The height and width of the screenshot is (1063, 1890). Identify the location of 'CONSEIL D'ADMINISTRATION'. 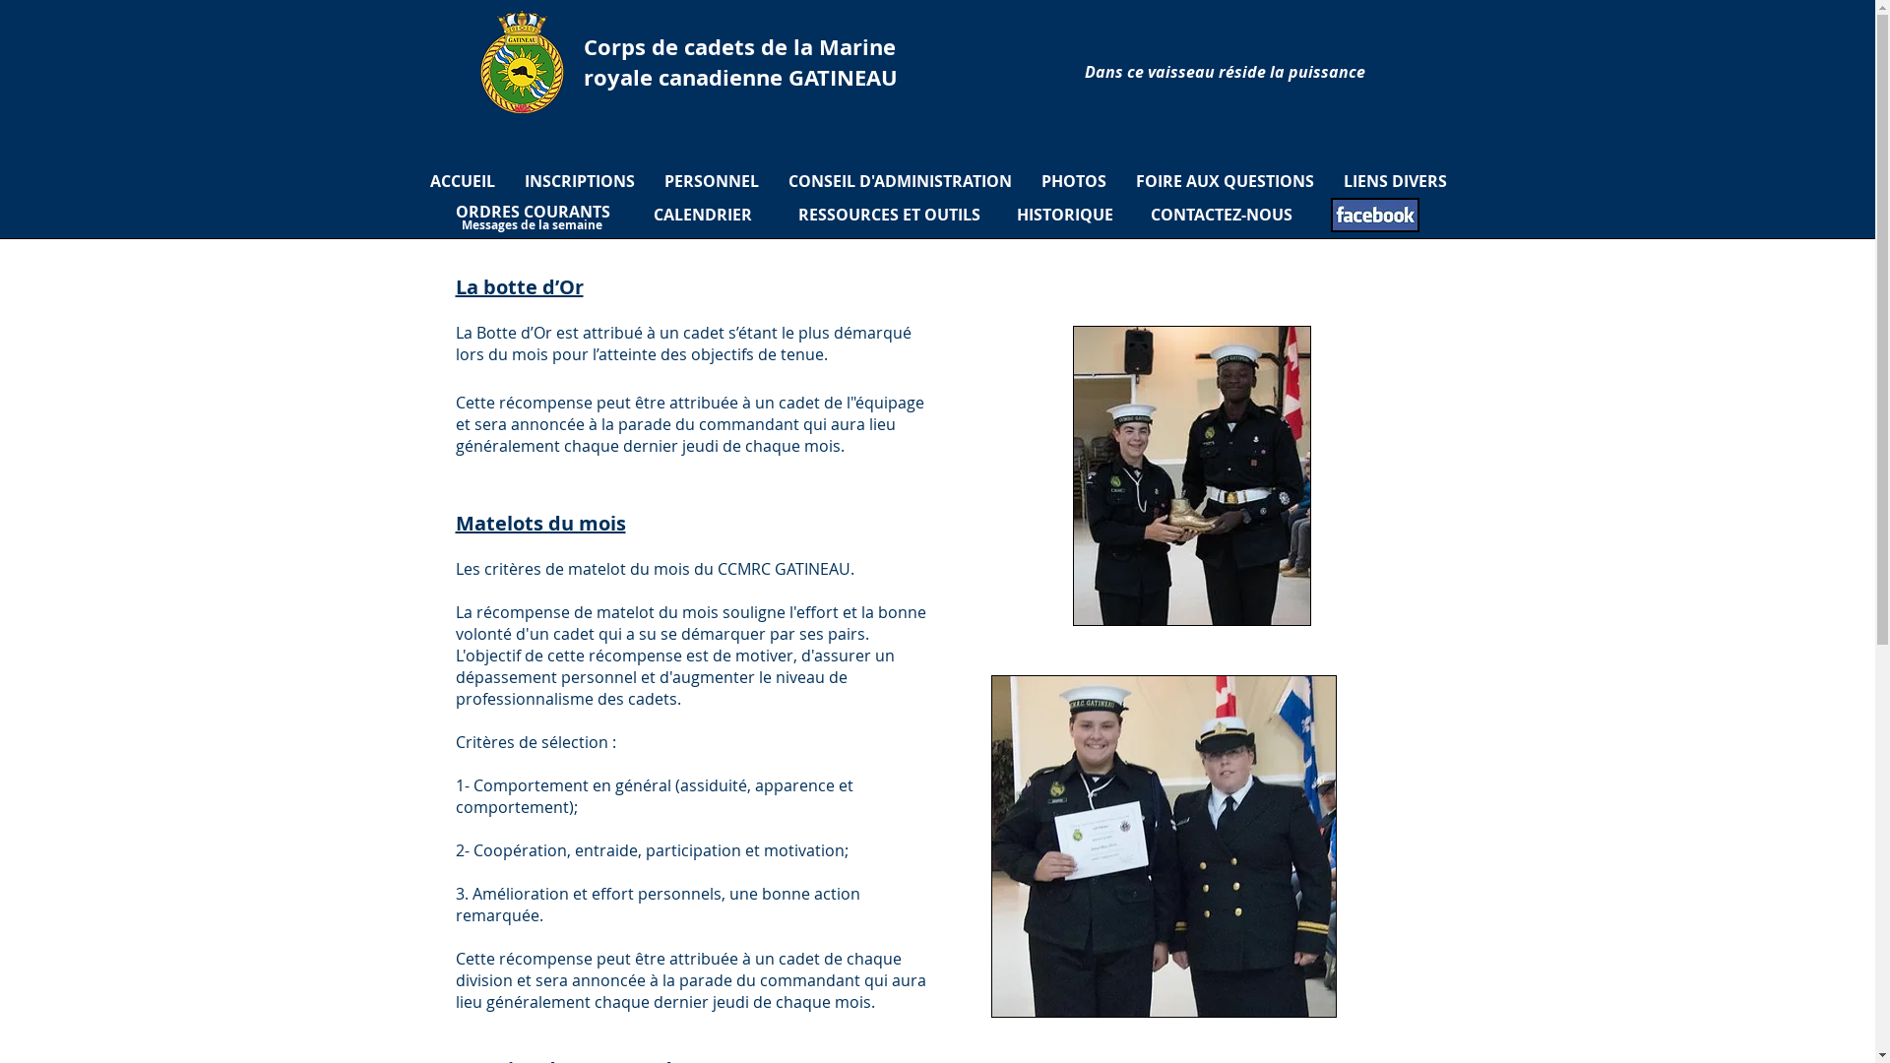
(899, 181).